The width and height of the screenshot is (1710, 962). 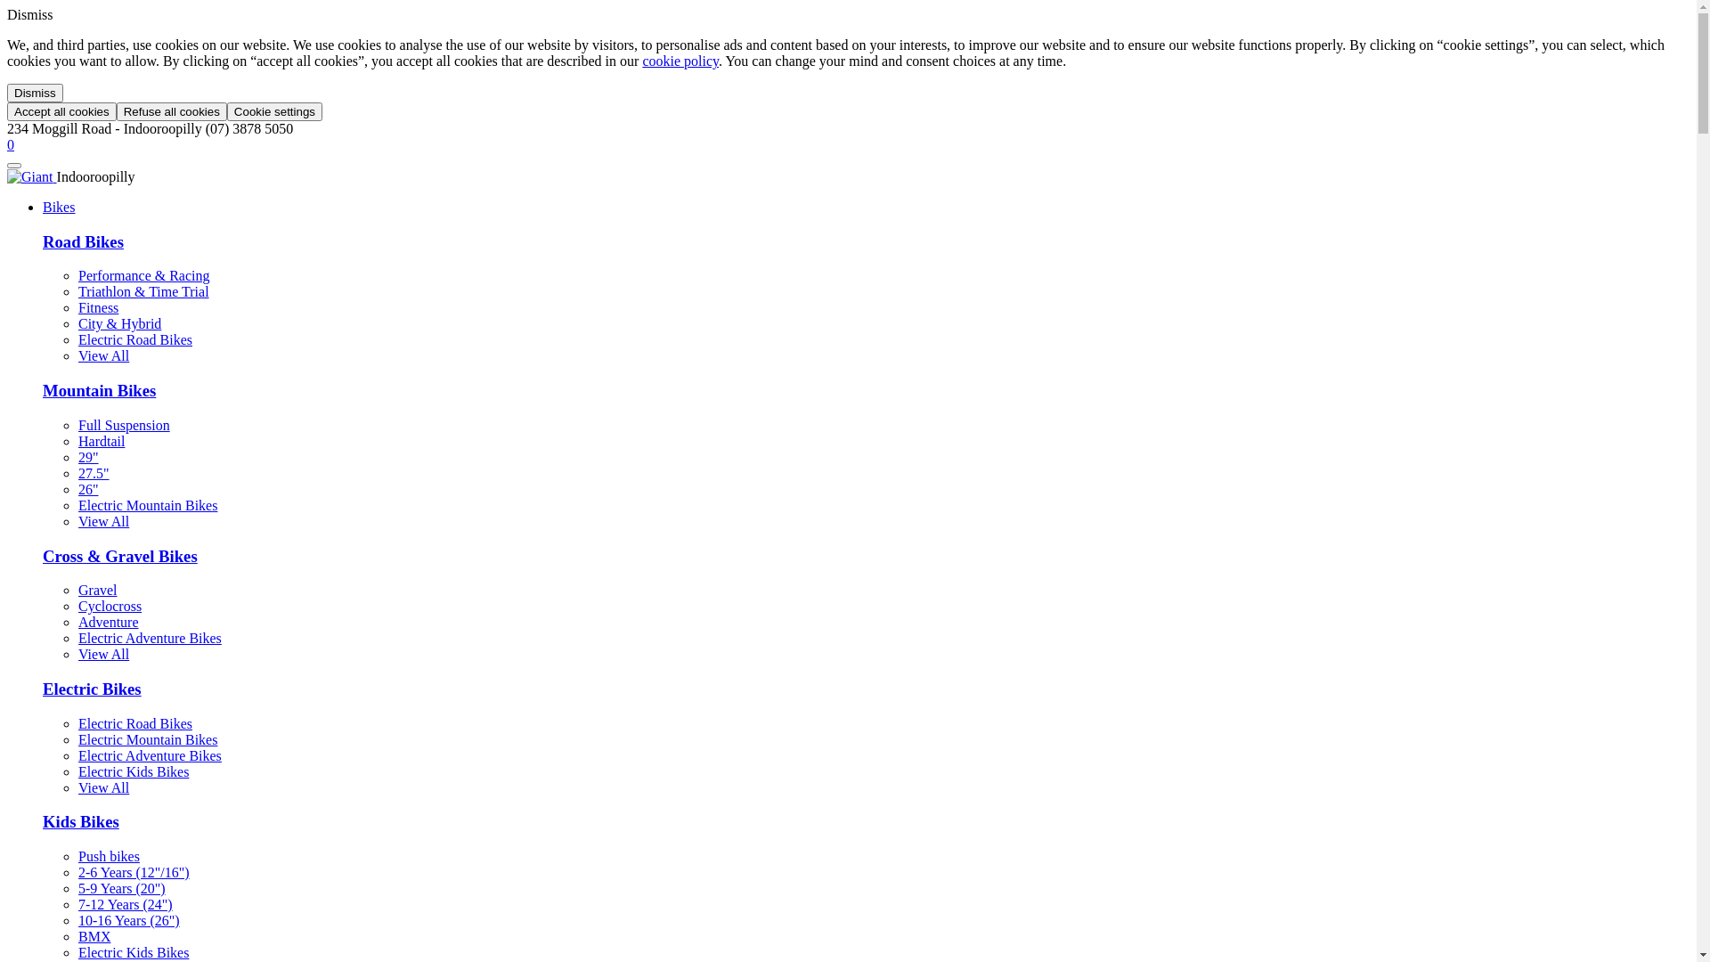 What do you see at coordinates (123, 425) in the screenshot?
I see `'Full Suspension'` at bounding box center [123, 425].